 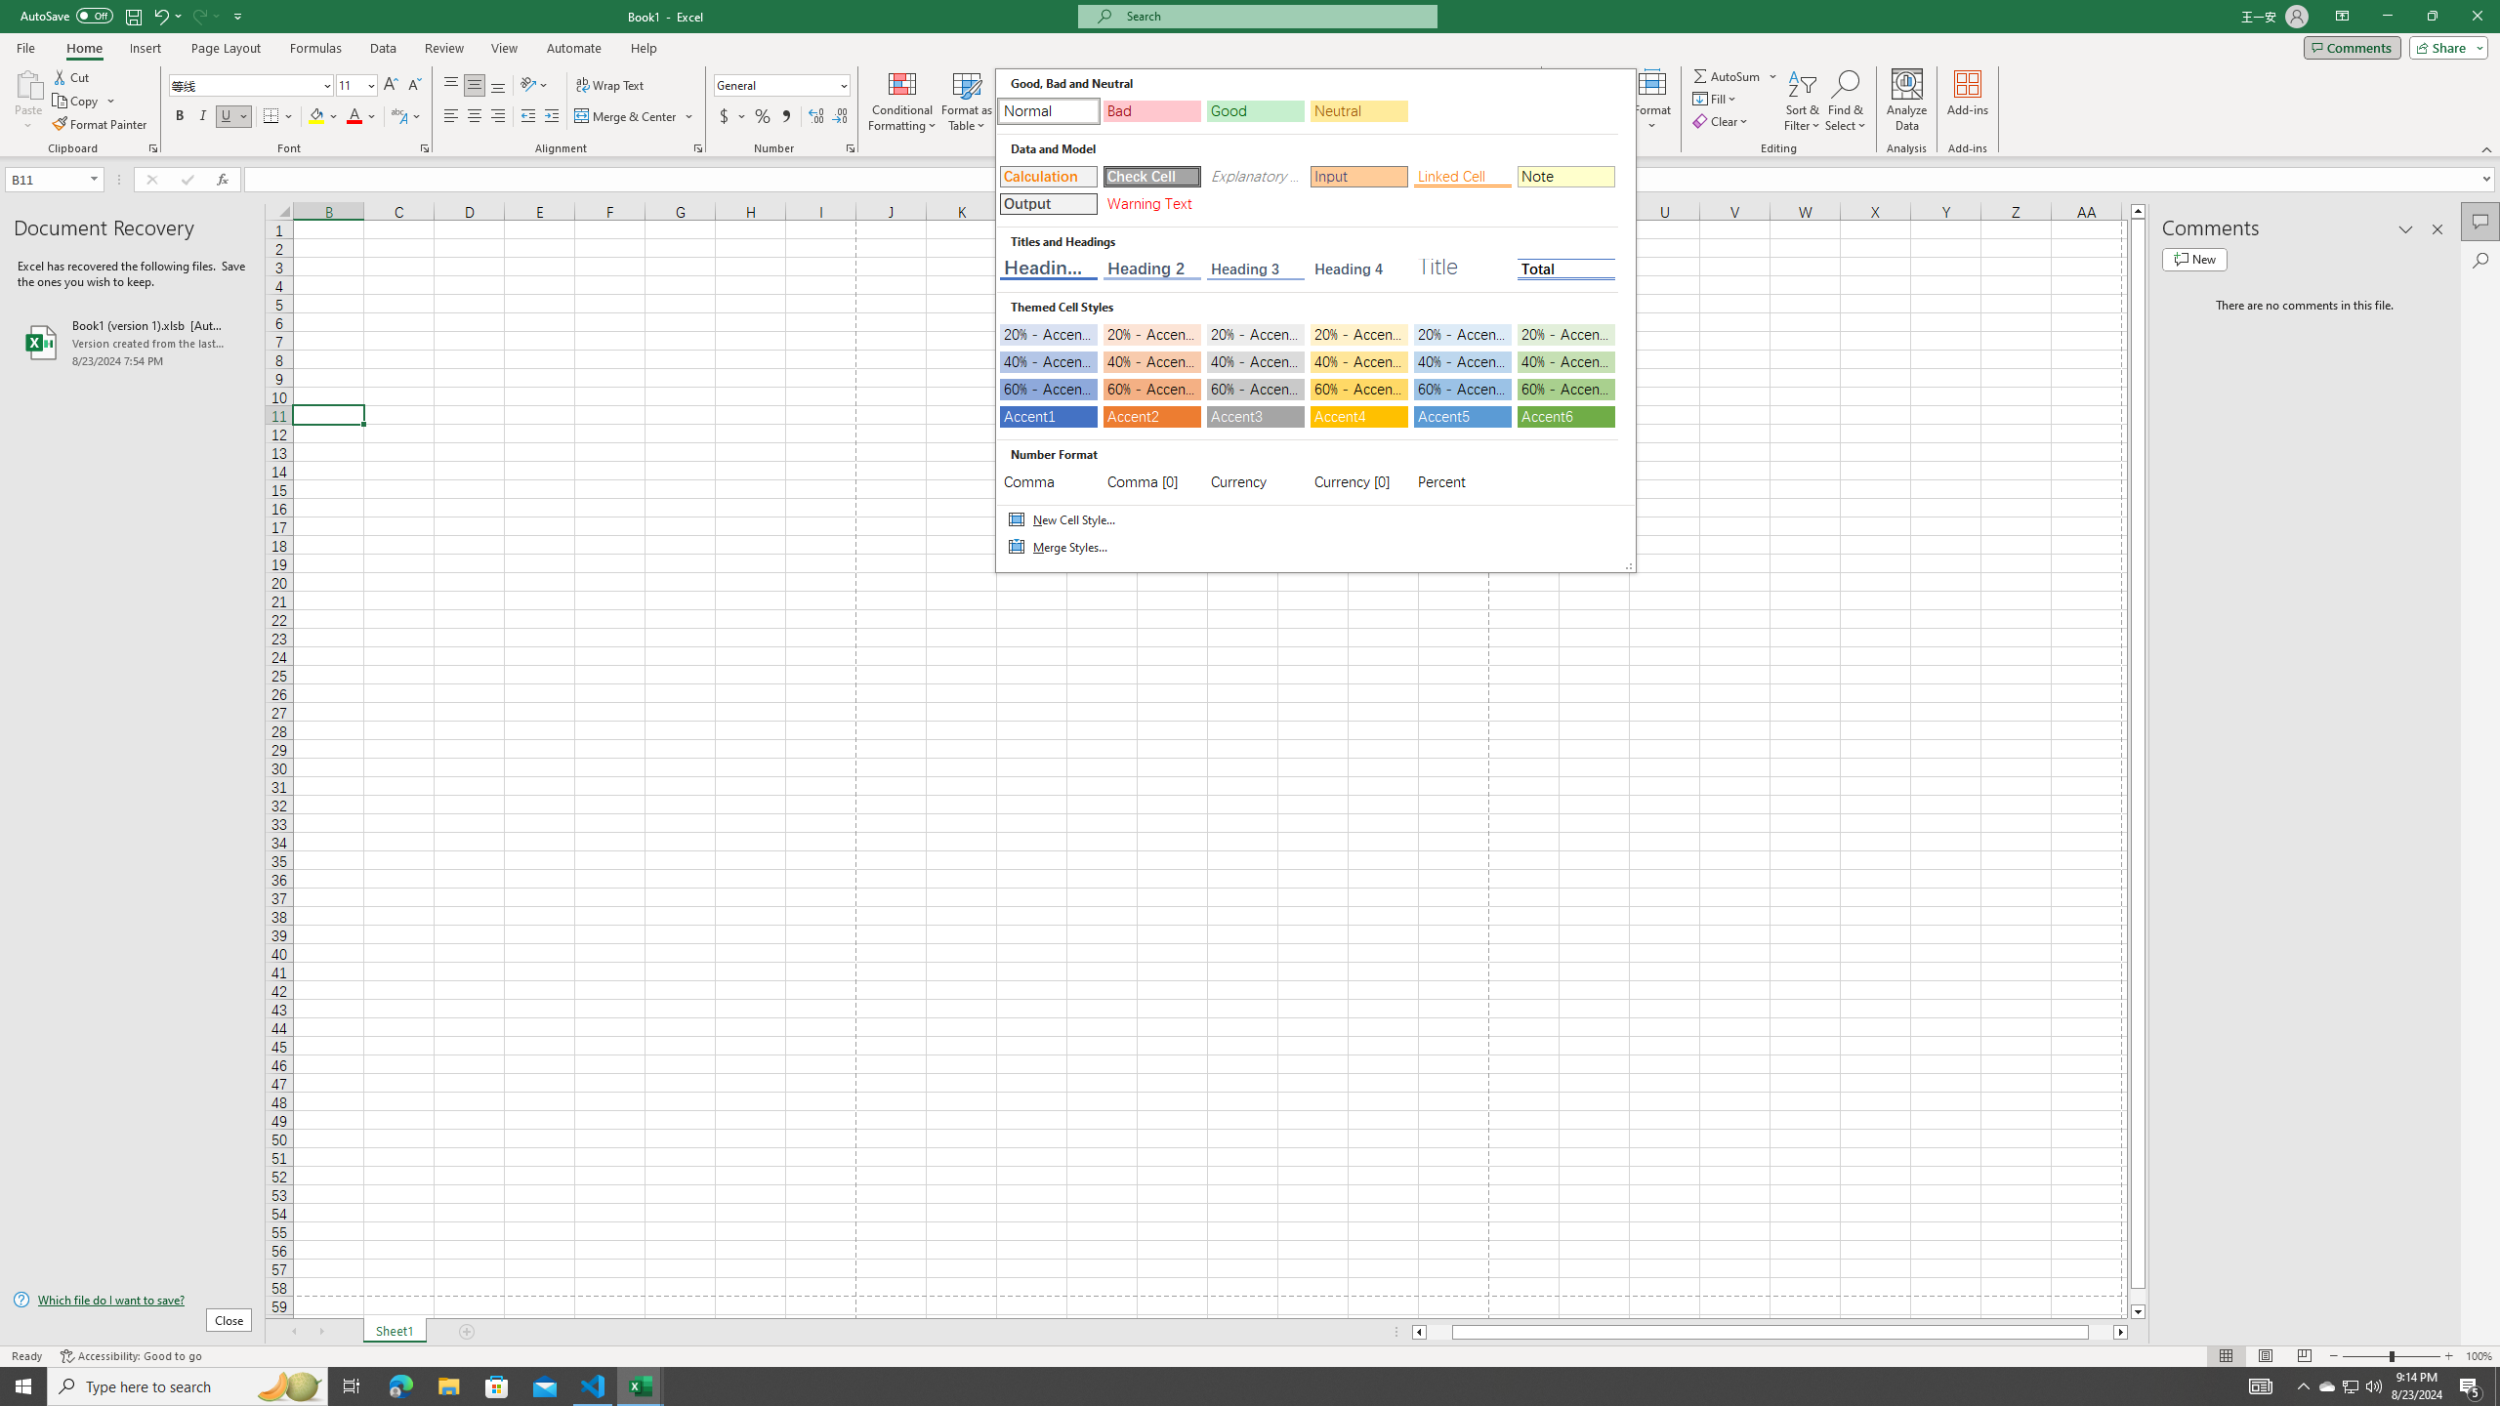 I want to click on 'Format Cell Alignment', so click(x=696, y=146).